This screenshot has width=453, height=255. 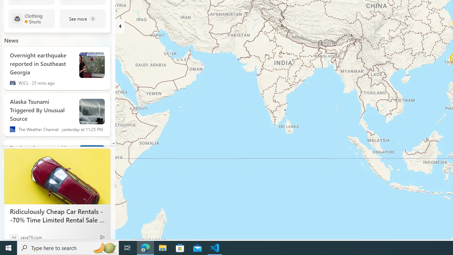 I want to click on 'Ad', so click(x=14, y=237).